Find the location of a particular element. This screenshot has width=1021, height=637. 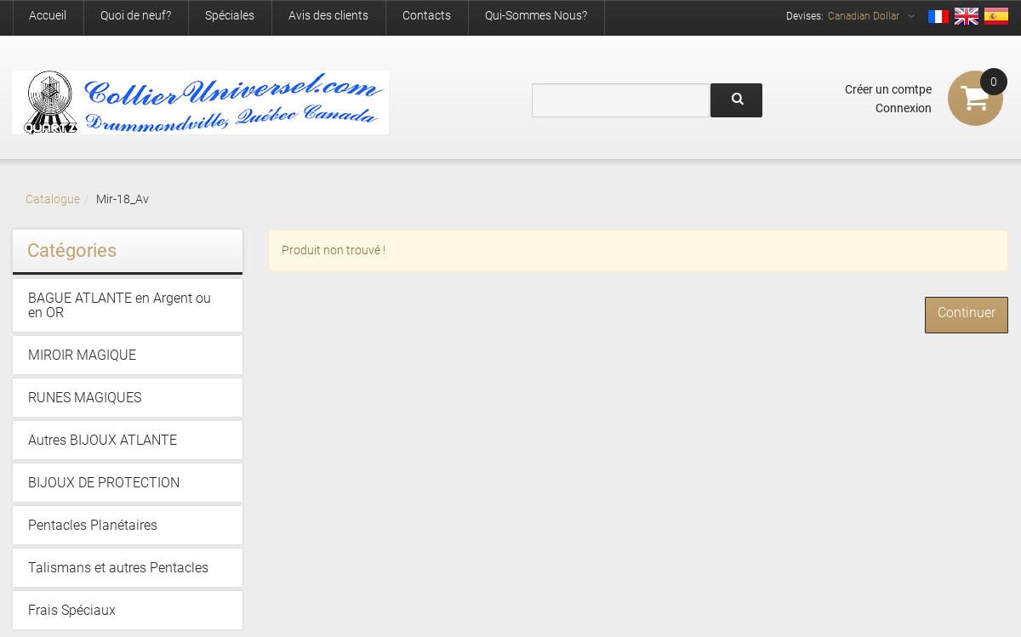

'Catégories' is located at coordinates (71, 249).